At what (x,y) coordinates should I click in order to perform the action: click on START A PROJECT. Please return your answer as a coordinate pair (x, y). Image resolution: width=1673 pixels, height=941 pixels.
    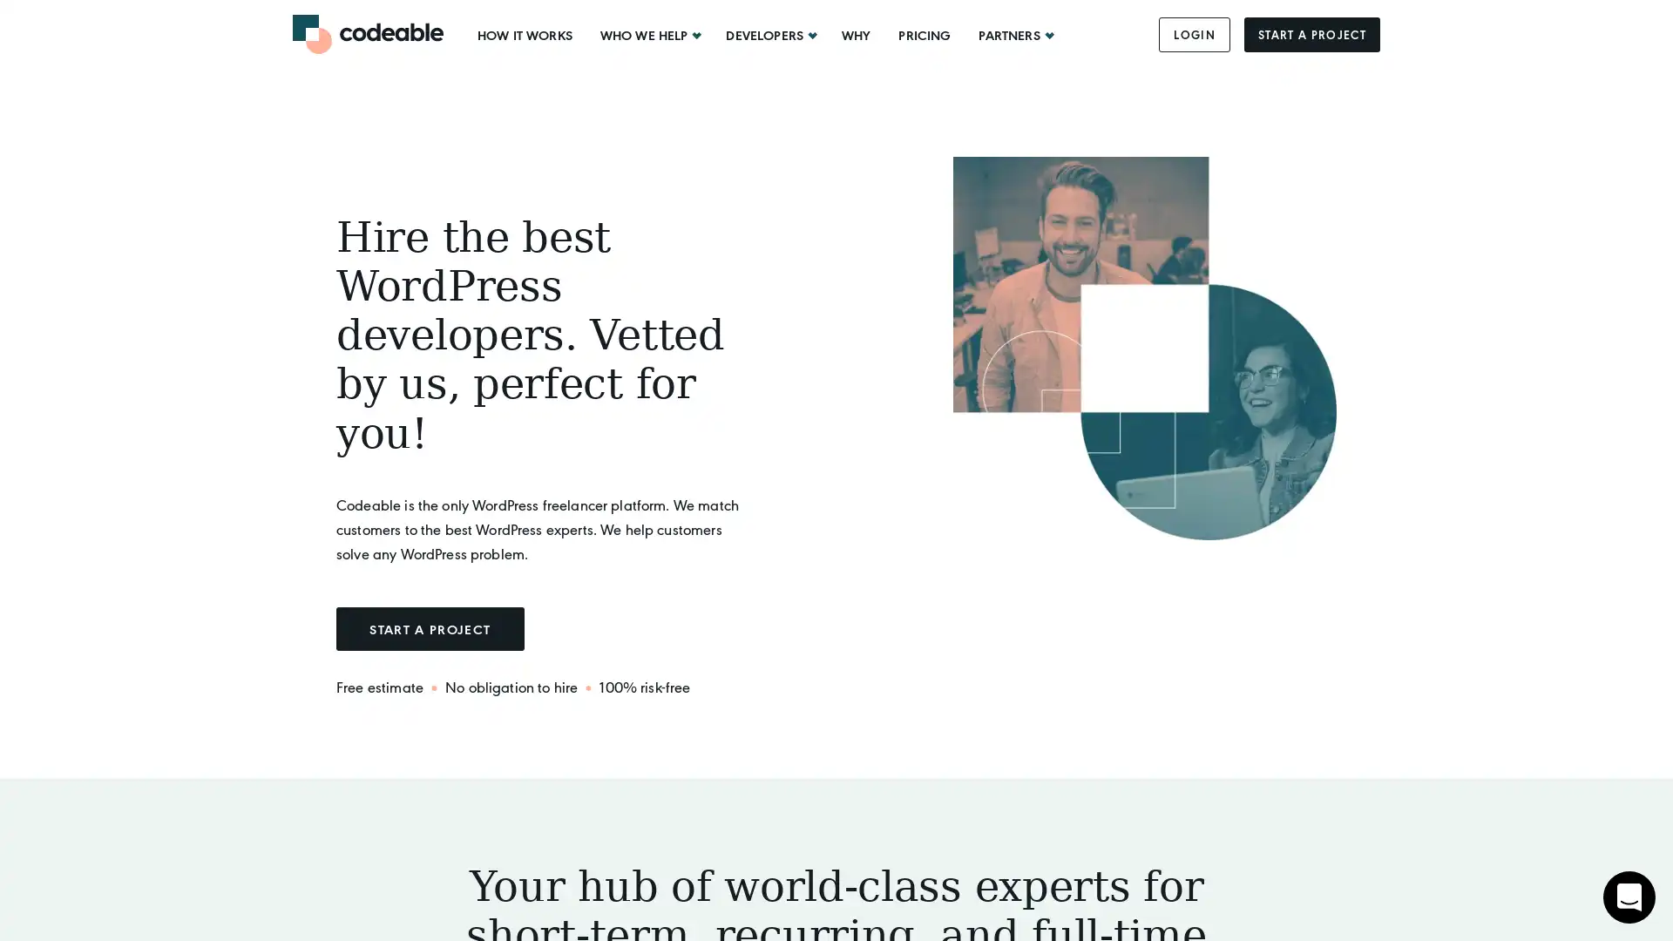
    Looking at the image, I should click on (430, 628).